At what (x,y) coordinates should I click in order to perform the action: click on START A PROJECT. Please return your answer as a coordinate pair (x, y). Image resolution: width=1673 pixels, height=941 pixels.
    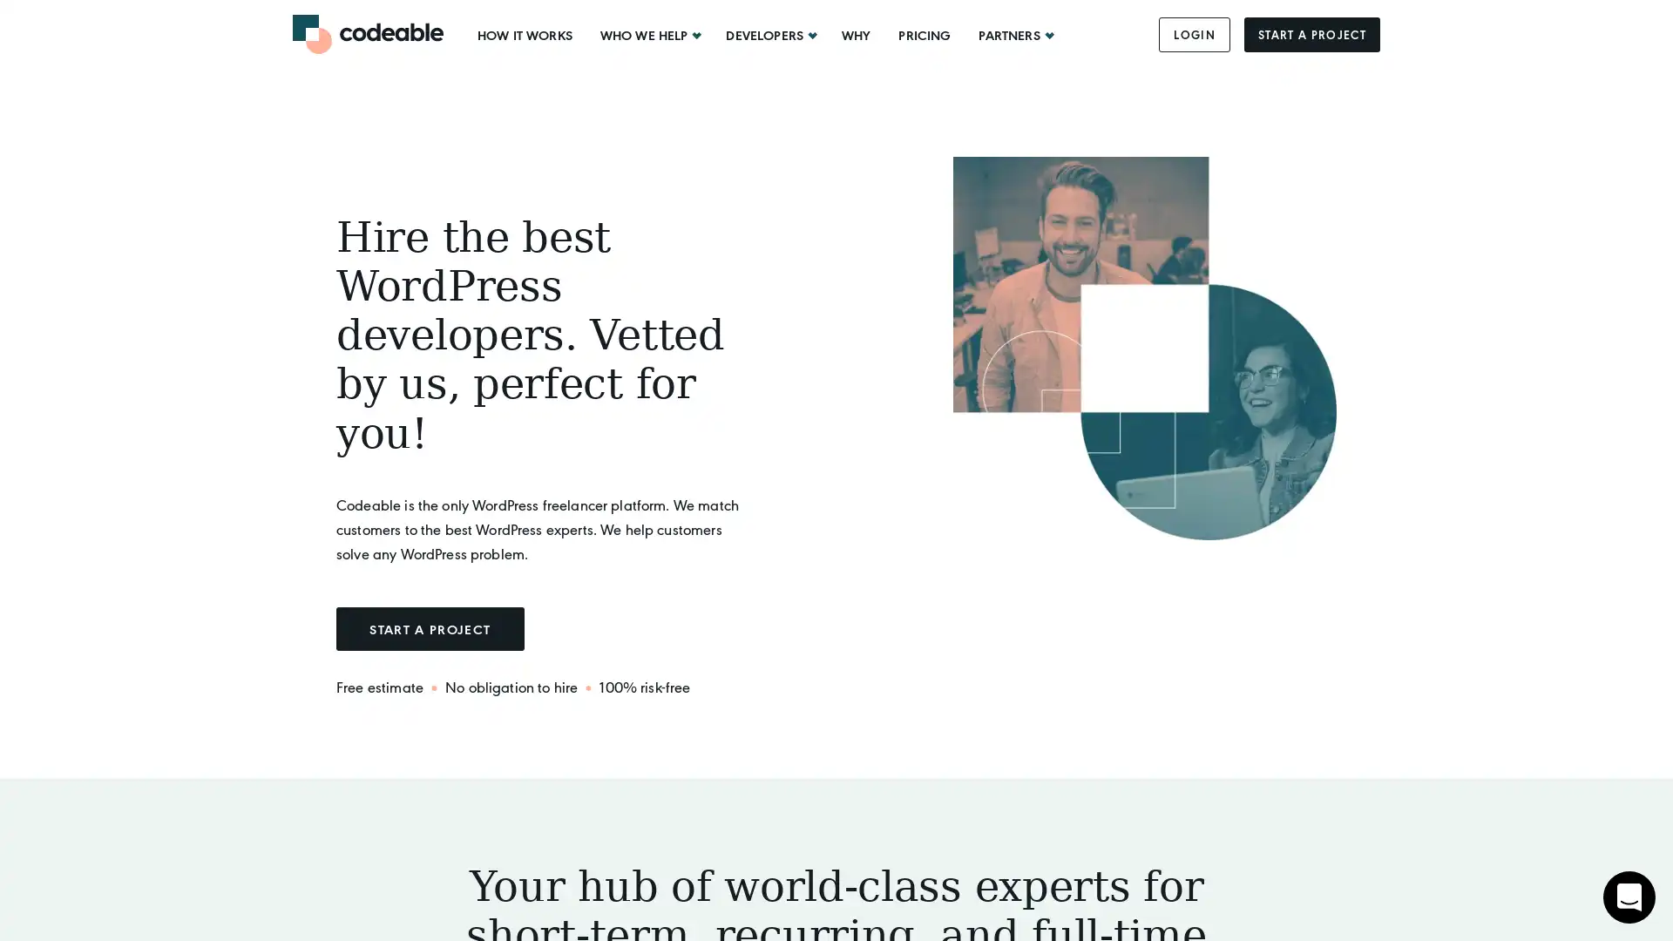
    Looking at the image, I should click on (430, 628).